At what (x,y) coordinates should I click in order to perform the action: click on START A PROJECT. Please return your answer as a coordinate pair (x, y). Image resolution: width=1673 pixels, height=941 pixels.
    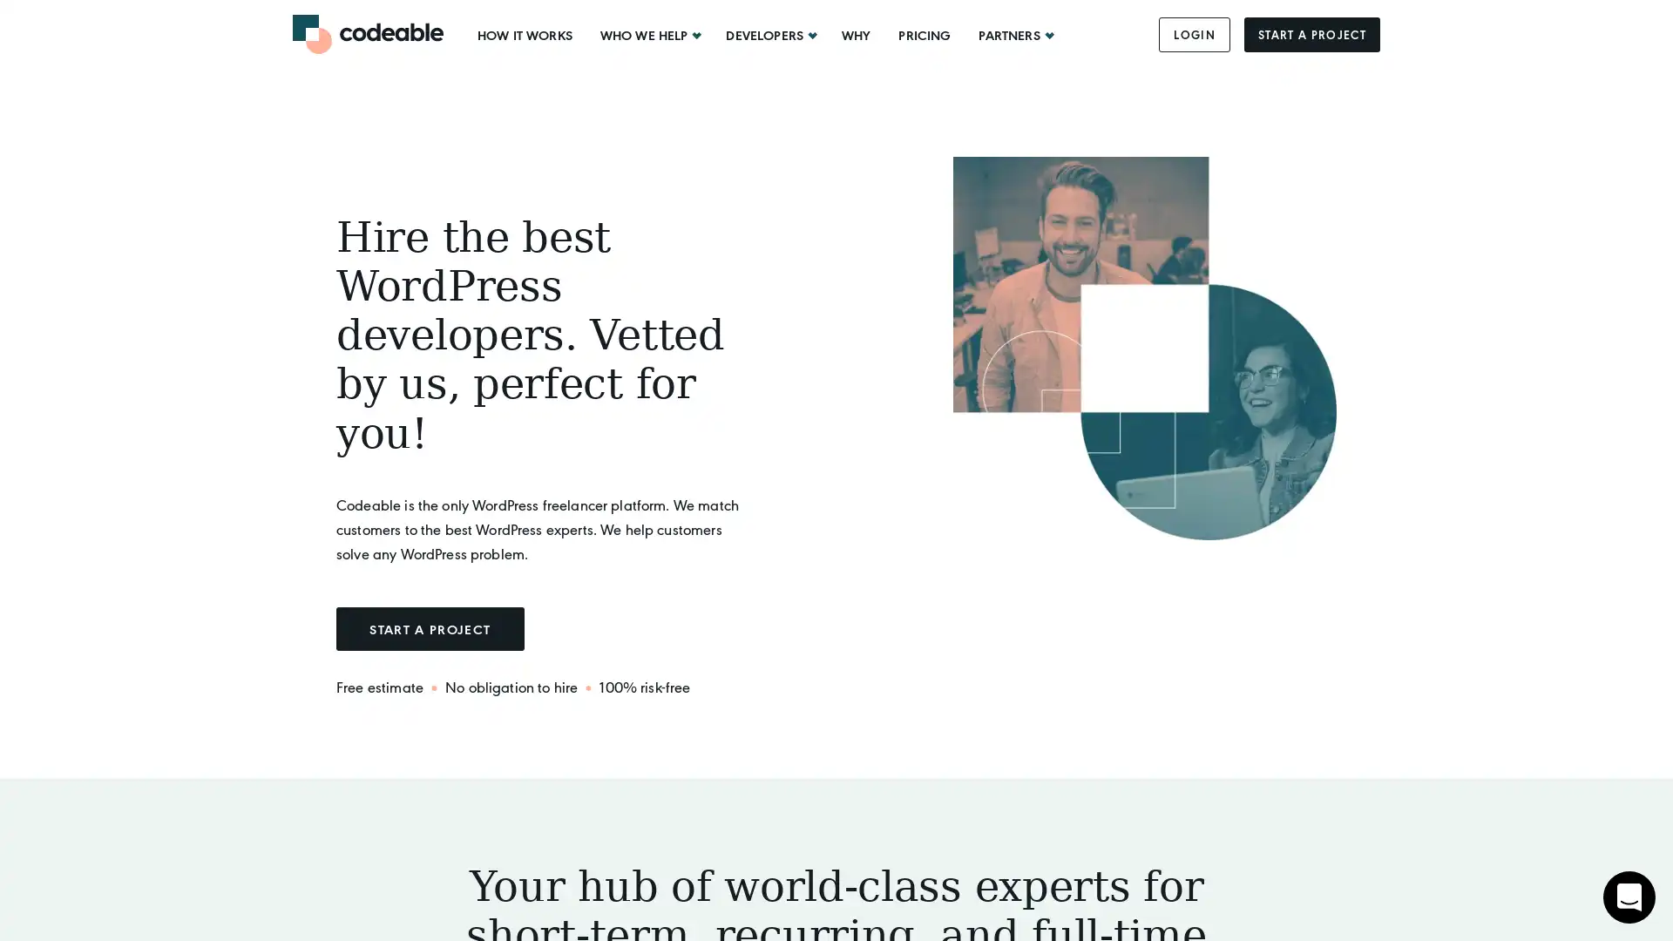
    Looking at the image, I should click on (430, 628).